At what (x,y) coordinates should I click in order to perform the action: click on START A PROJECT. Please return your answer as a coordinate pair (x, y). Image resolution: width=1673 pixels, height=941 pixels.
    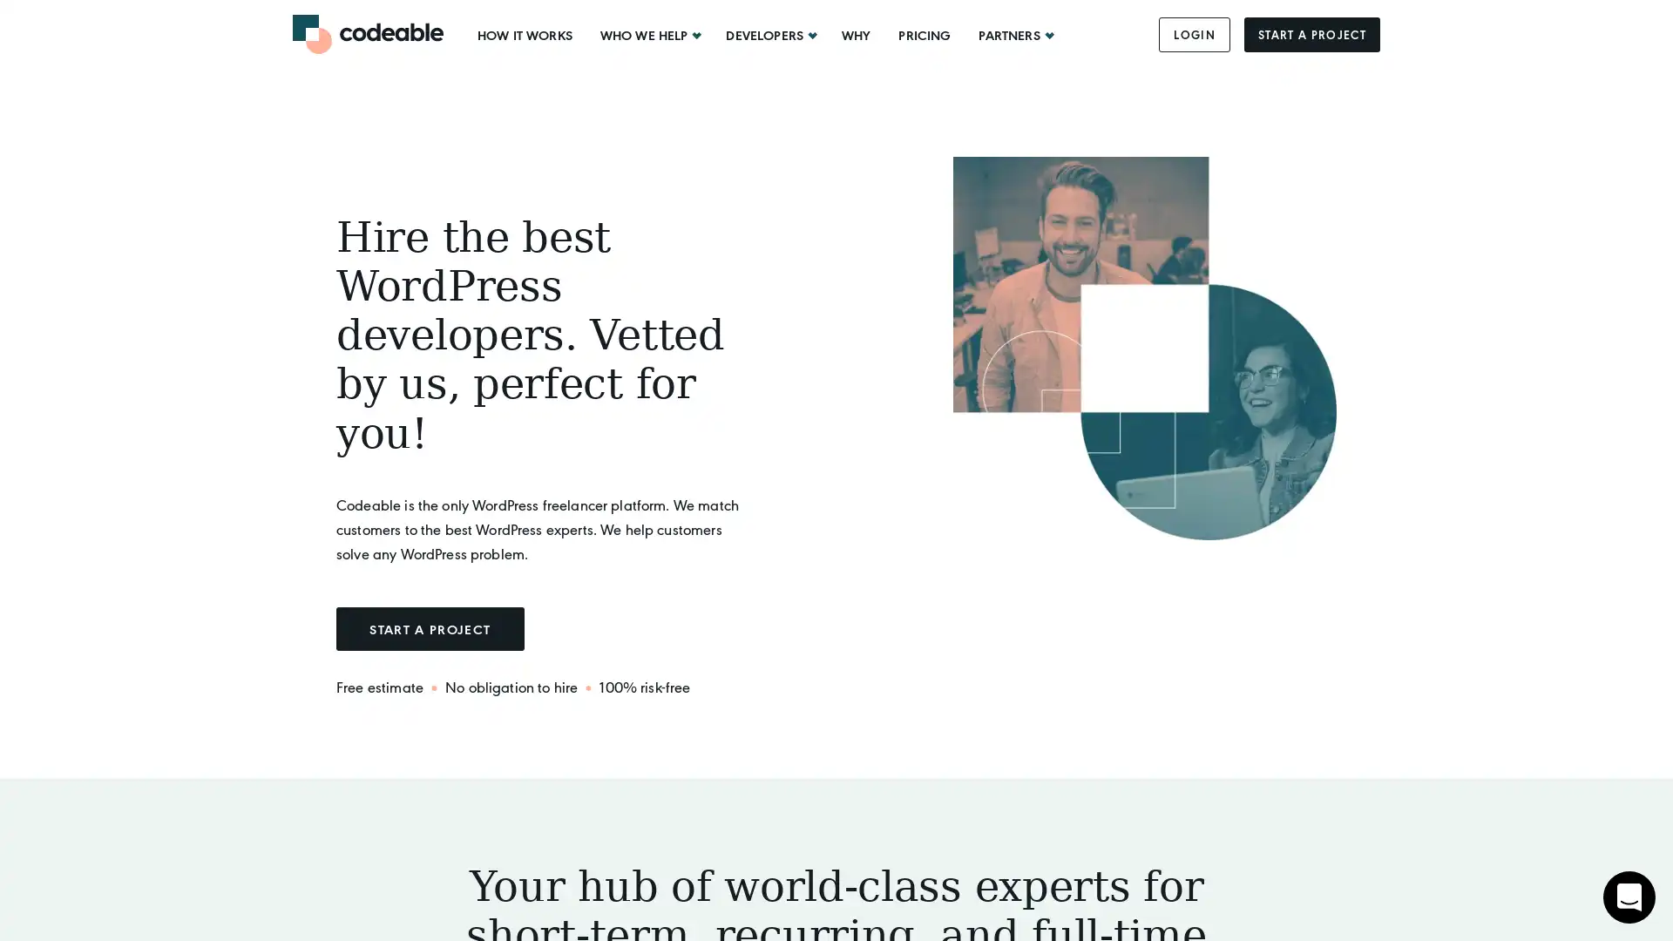
    Looking at the image, I should click on (430, 628).